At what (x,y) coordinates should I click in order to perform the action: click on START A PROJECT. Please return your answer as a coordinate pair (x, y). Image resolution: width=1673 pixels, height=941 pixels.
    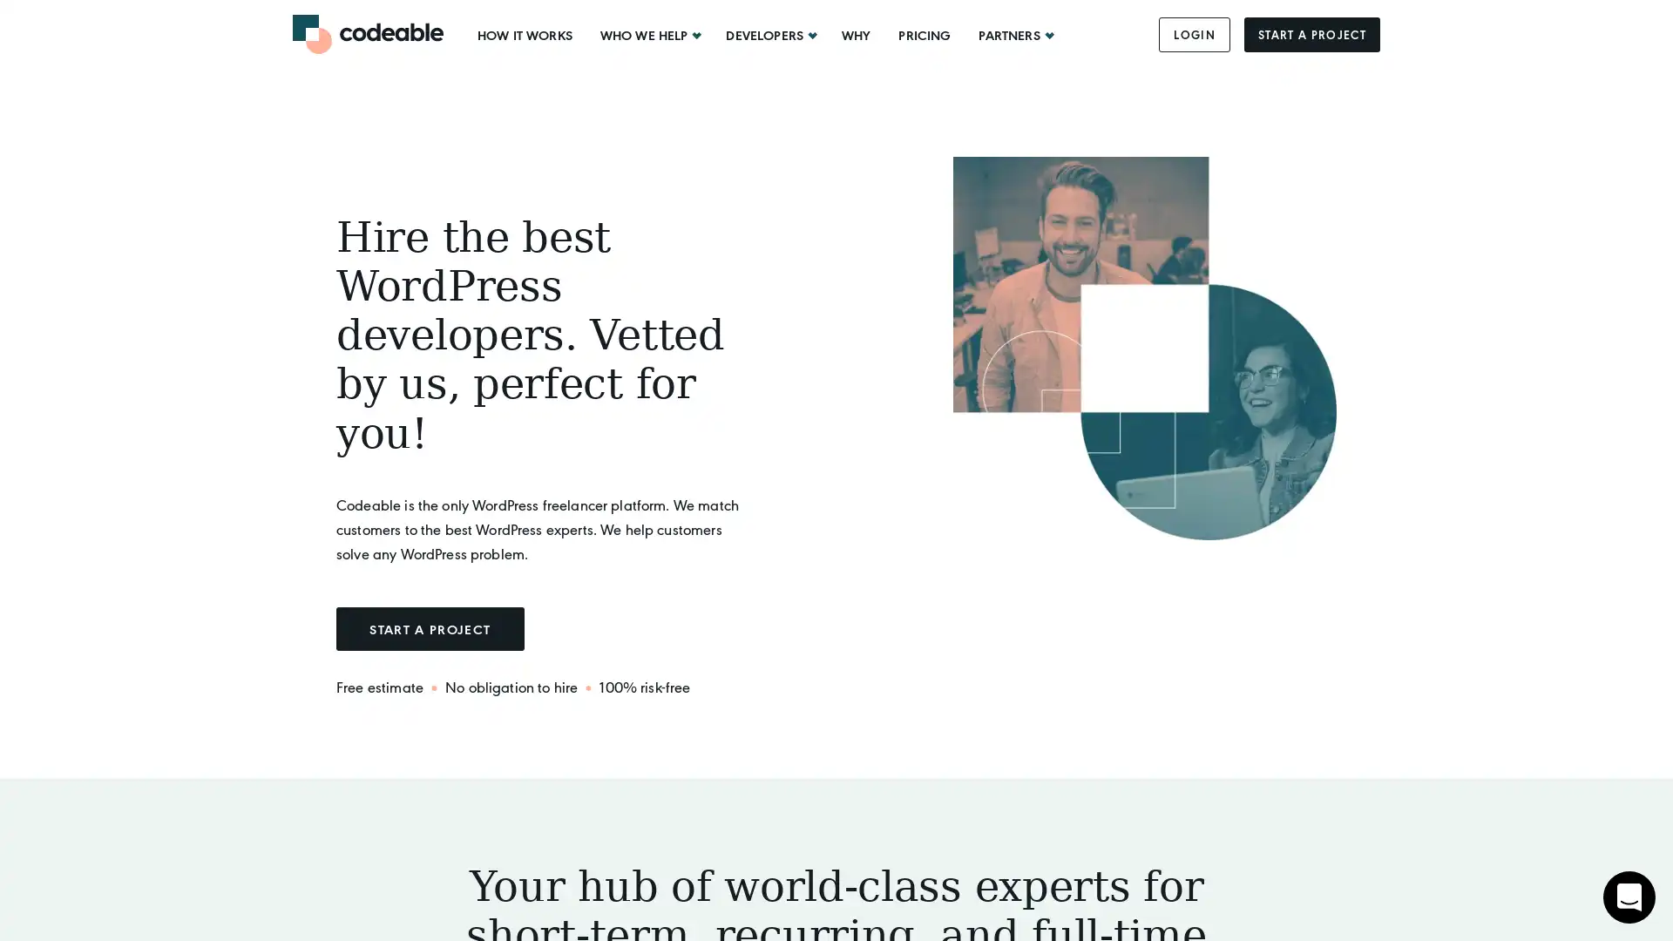
    Looking at the image, I should click on (430, 628).